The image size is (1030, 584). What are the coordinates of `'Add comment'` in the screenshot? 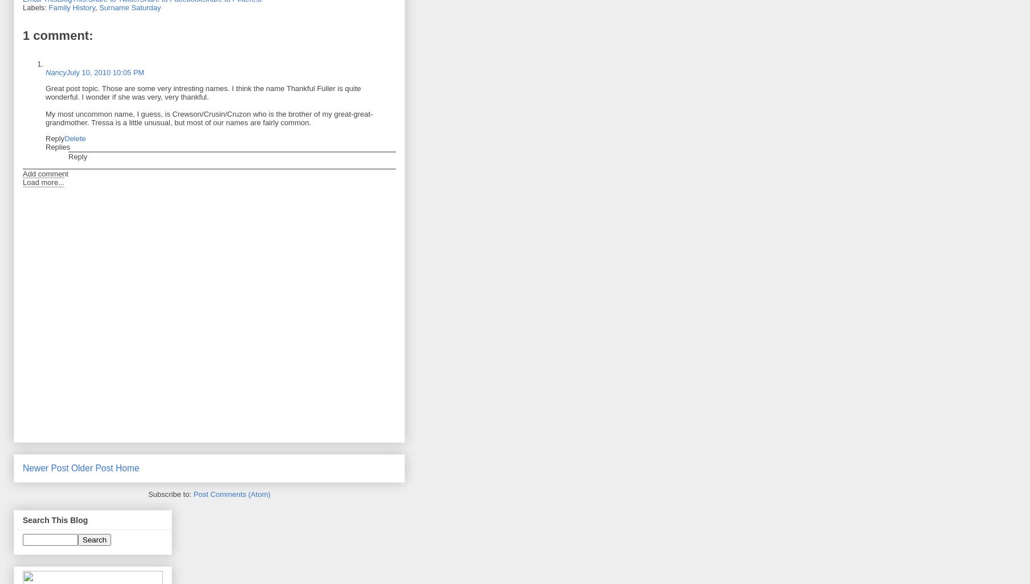 It's located at (44, 173).